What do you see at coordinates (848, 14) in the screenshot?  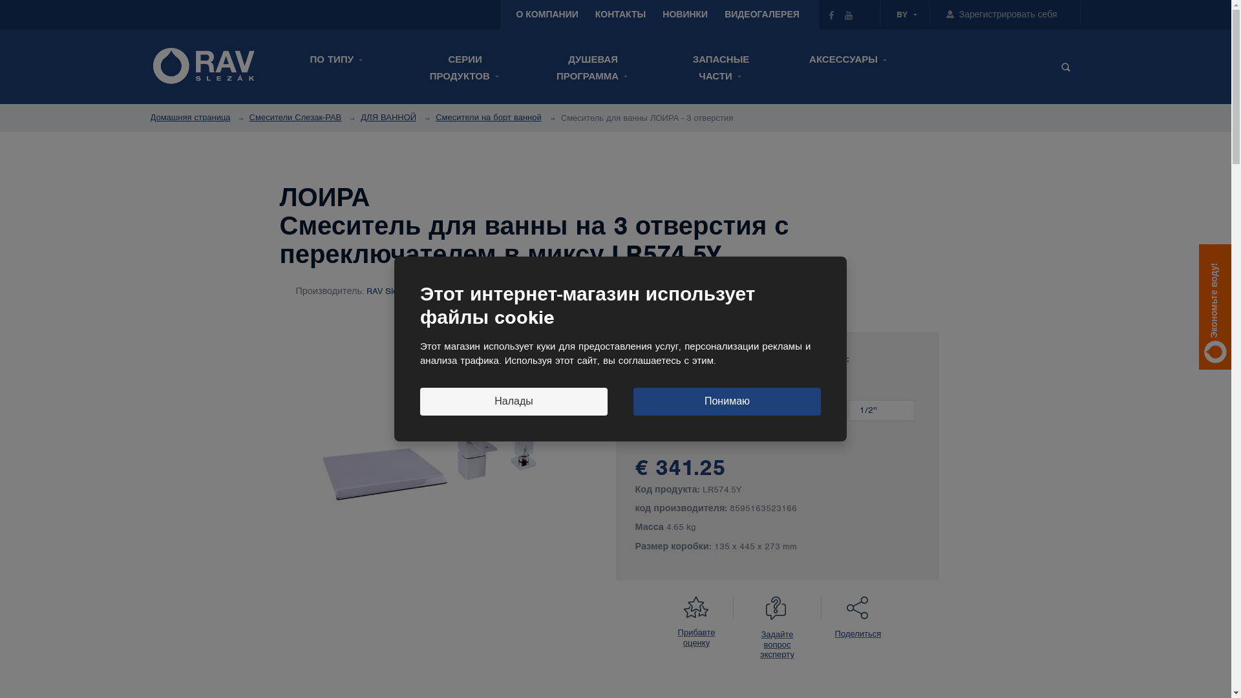 I see `'Youtube'` at bounding box center [848, 14].